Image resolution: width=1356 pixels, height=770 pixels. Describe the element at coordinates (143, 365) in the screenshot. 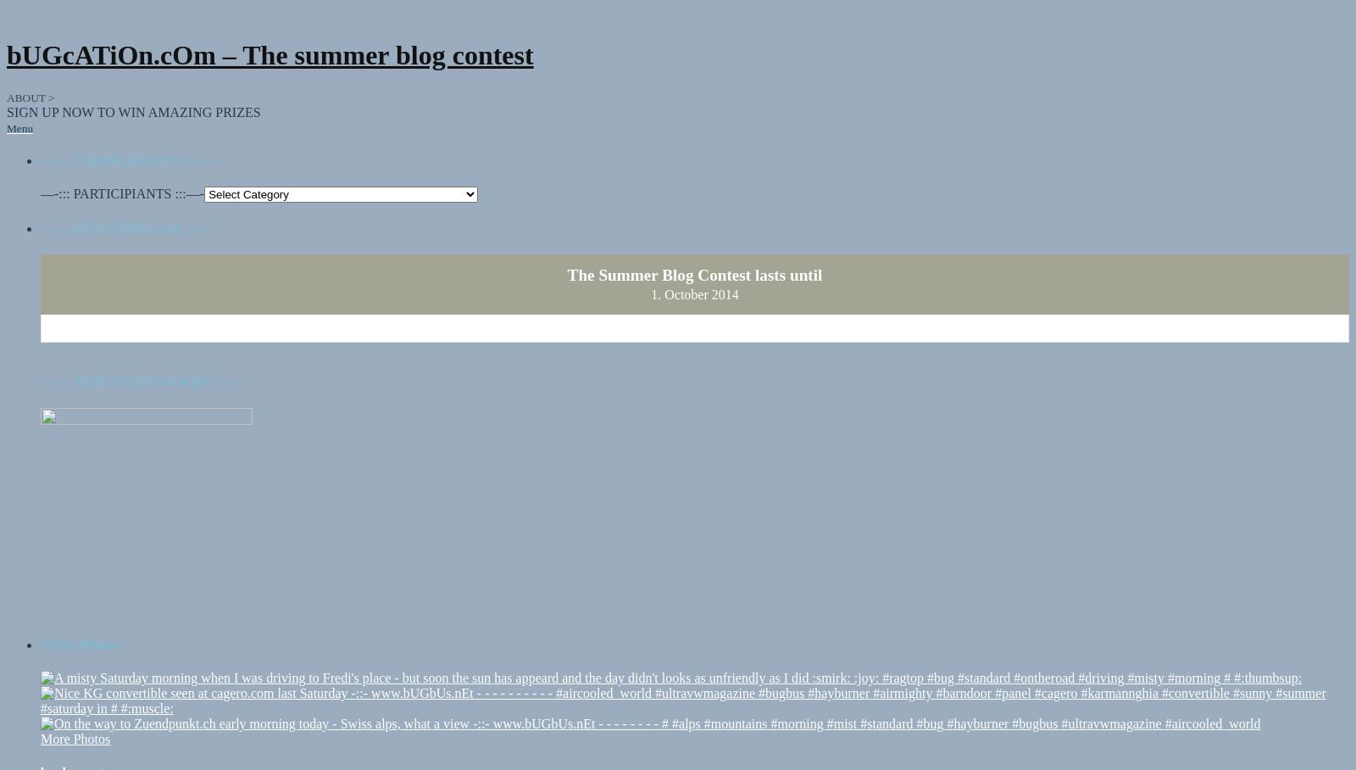

I see `'—-:::  WHO’S GONNA WIN? :::—-'` at that location.